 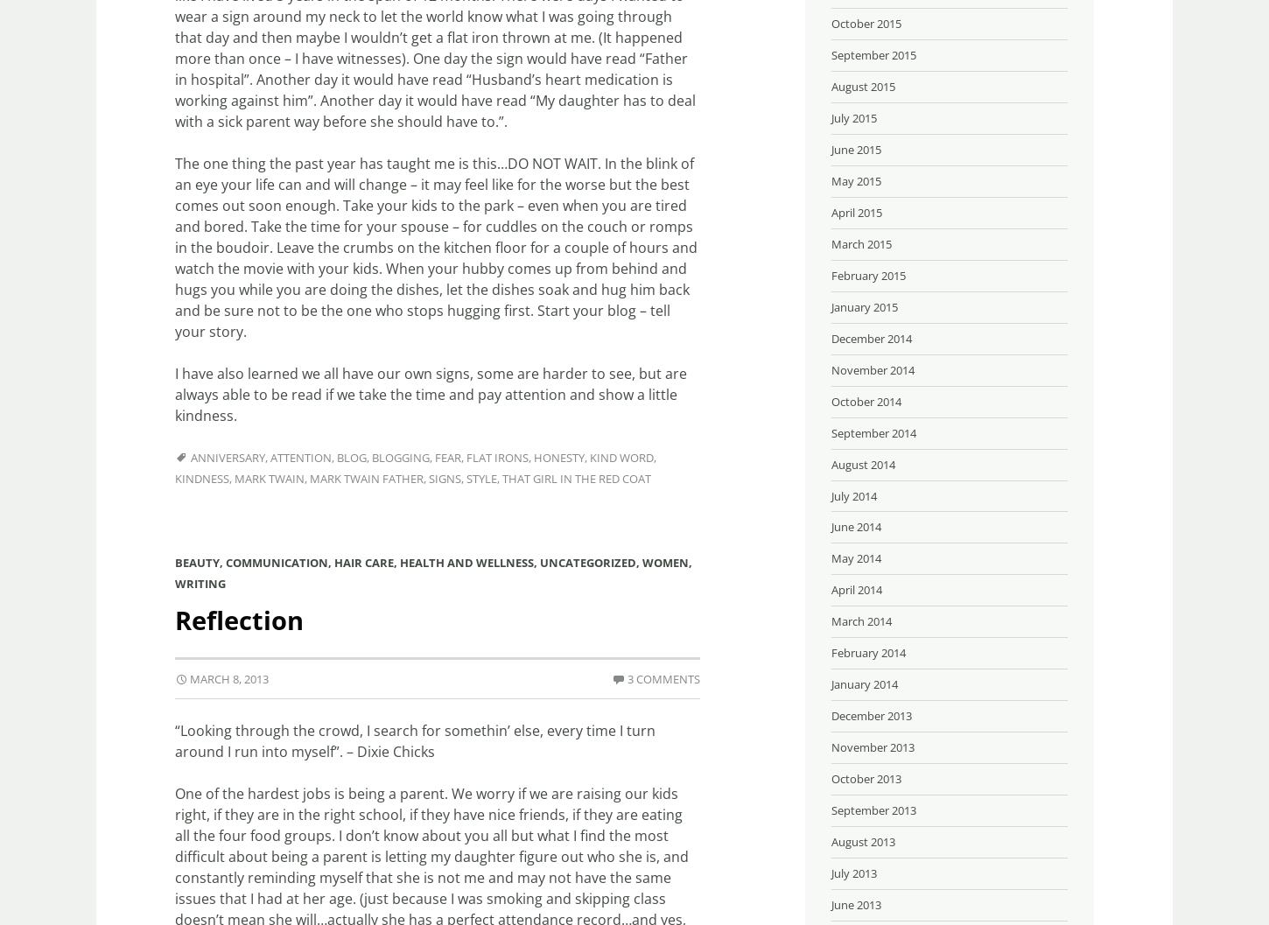 What do you see at coordinates (447, 458) in the screenshot?
I see `'fear'` at bounding box center [447, 458].